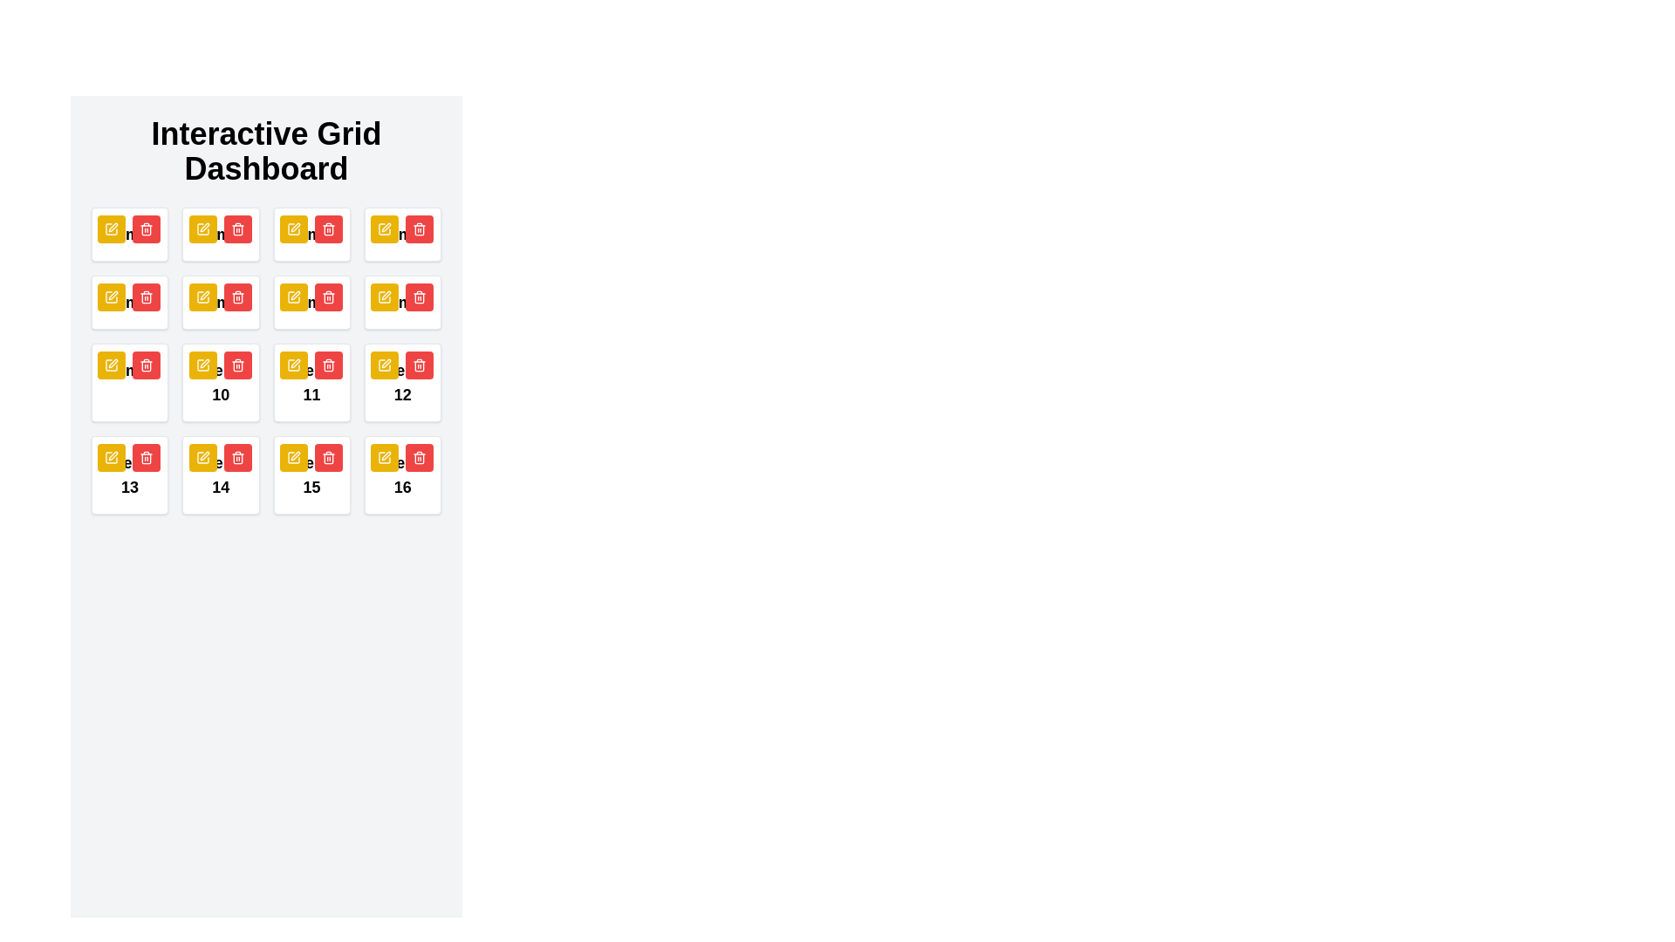 This screenshot has width=1675, height=942. What do you see at coordinates (111, 296) in the screenshot?
I see `the edit icon button, which is a small pen icon with a yellow background, located at the upper-left of the card titled '1' in the grid layout` at bounding box center [111, 296].